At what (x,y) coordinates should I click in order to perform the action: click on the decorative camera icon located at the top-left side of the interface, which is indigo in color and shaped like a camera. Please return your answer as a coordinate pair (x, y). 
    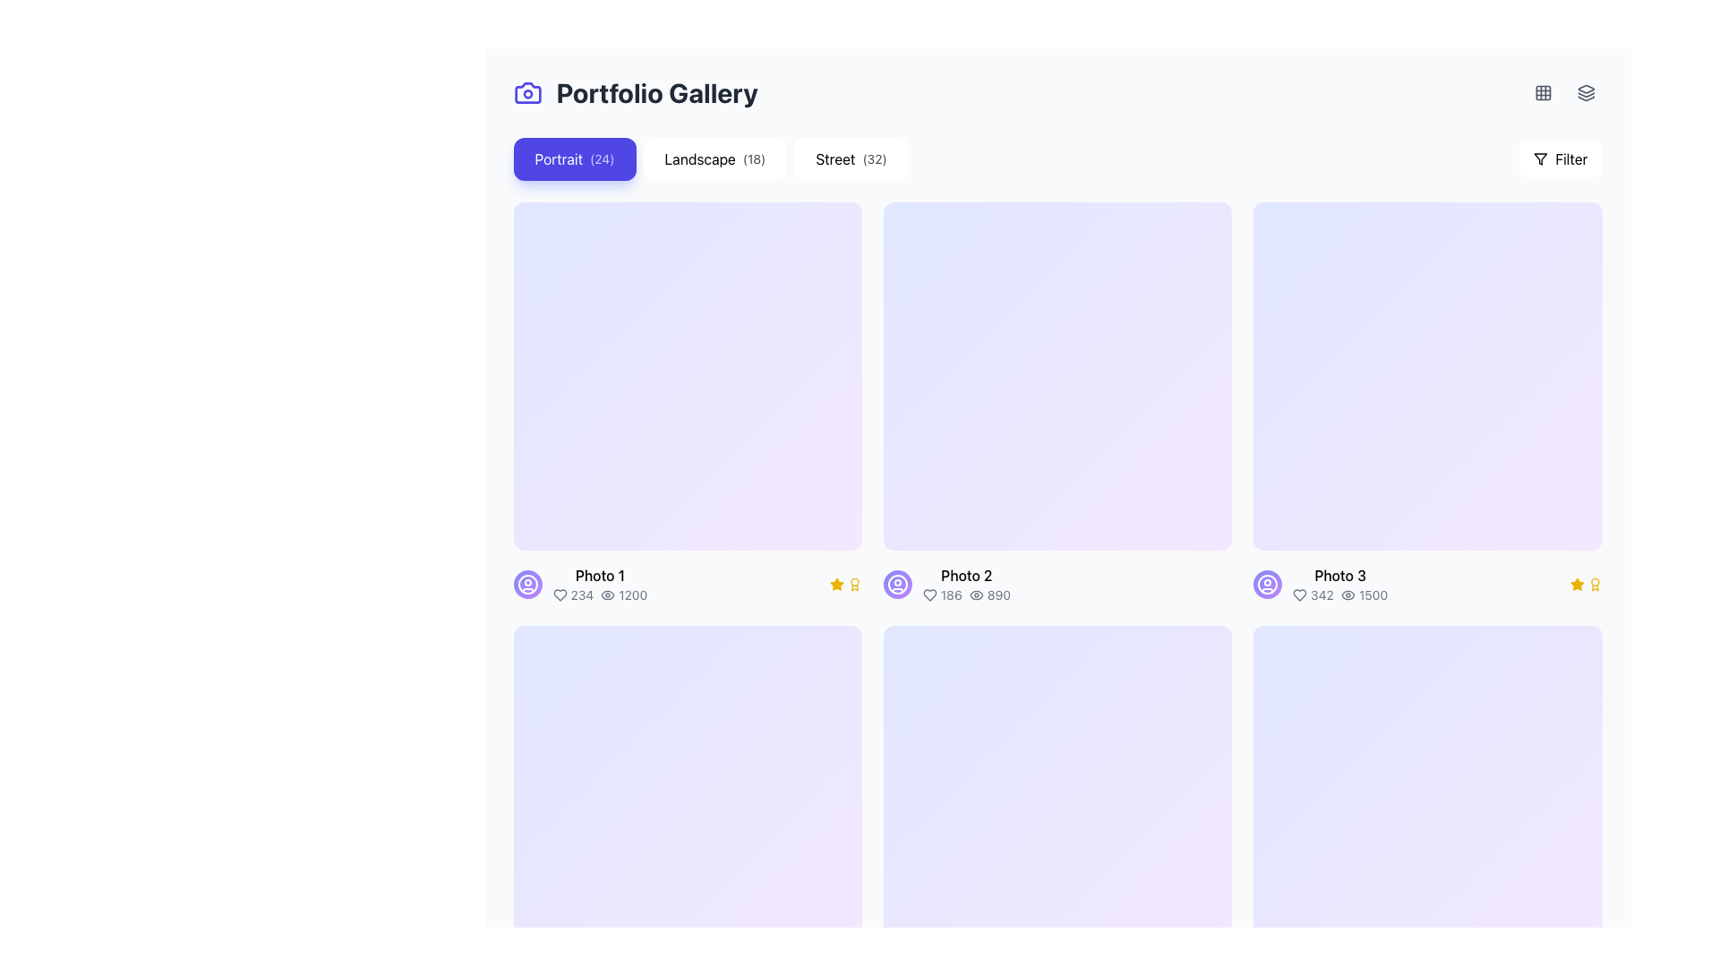
    Looking at the image, I should click on (526, 93).